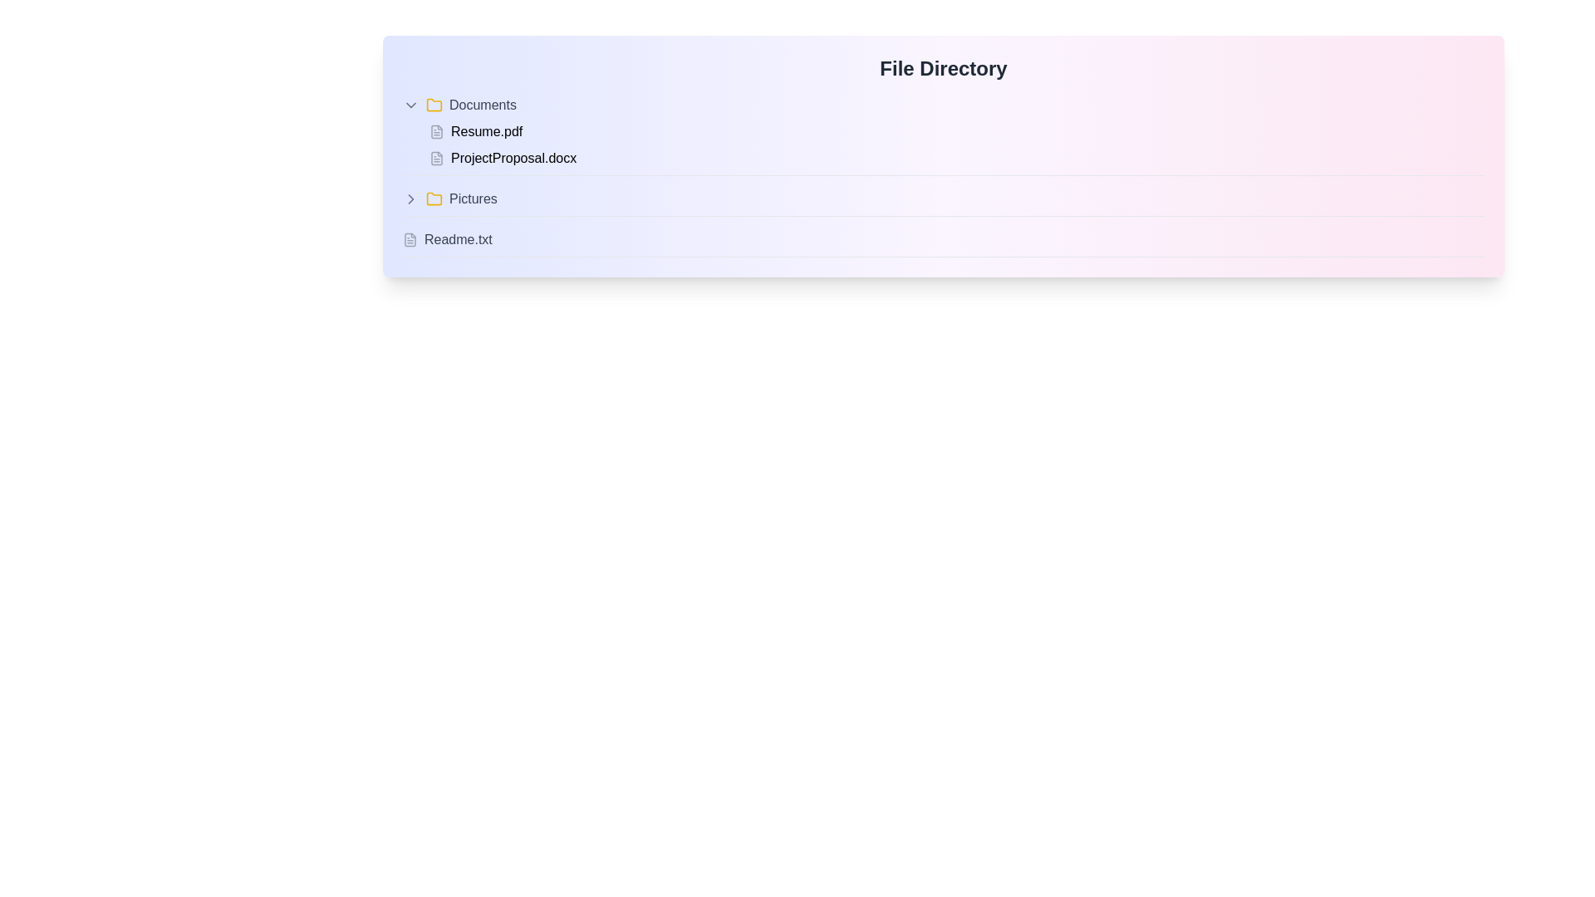 This screenshot has width=1595, height=897. I want to click on the downward-facing chevron icon, so click(410, 105).